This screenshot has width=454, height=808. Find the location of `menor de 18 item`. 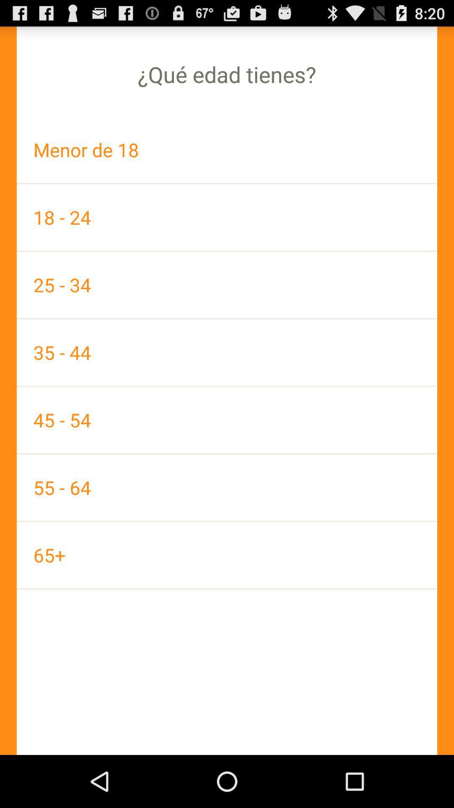

menor de 18 item is located at coordinates (227, 150).